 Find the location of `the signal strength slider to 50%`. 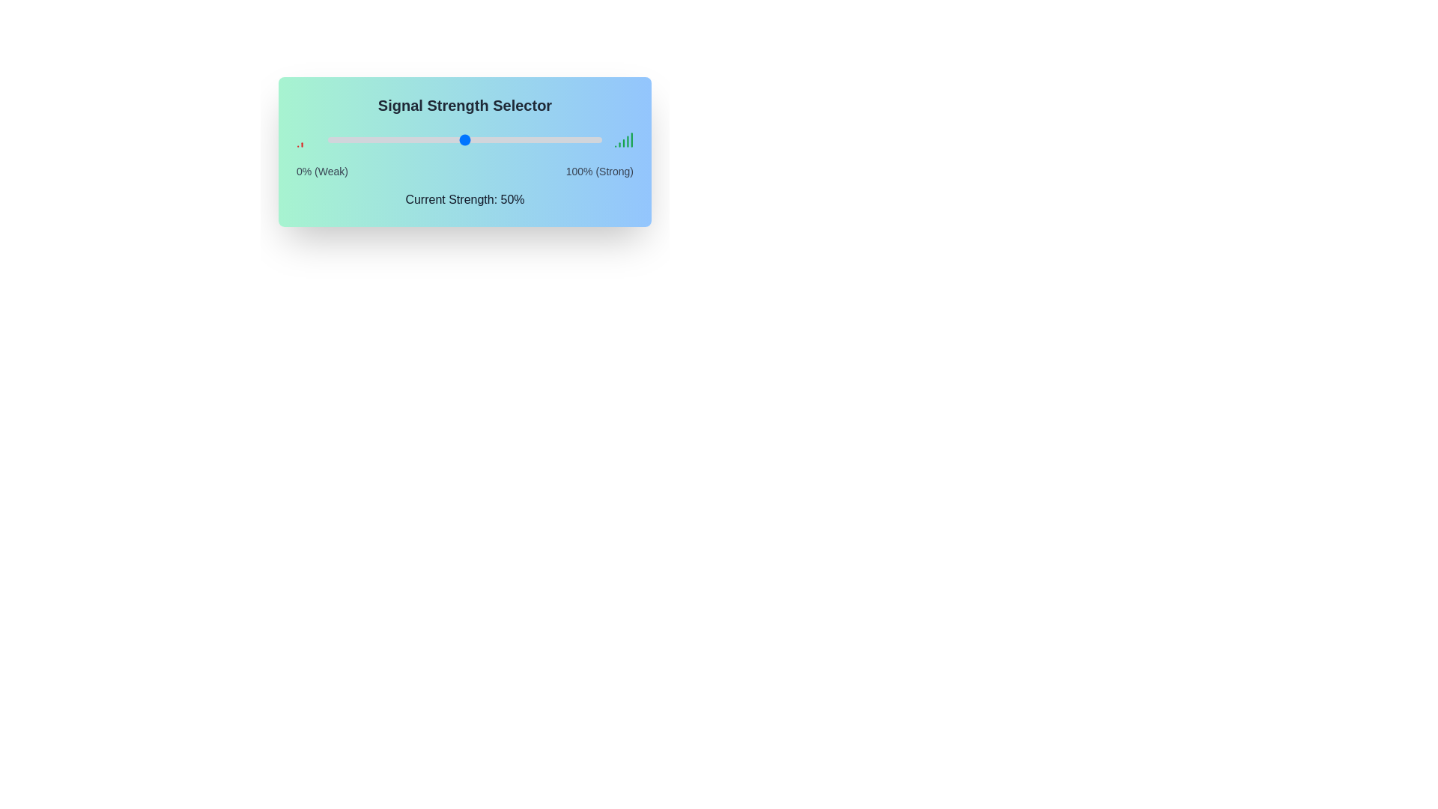

the signal strength slider to 50% is located at coordinates (464, 139).